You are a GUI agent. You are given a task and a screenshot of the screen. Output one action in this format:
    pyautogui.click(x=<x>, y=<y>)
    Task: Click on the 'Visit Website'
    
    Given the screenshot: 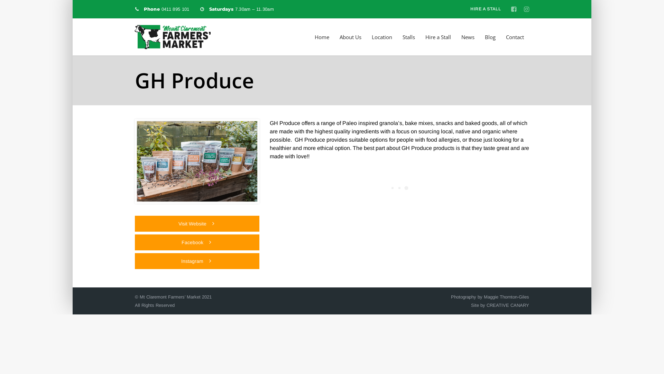 What is the action you would take?
    pyautogui.click(x=135, y=223)
    